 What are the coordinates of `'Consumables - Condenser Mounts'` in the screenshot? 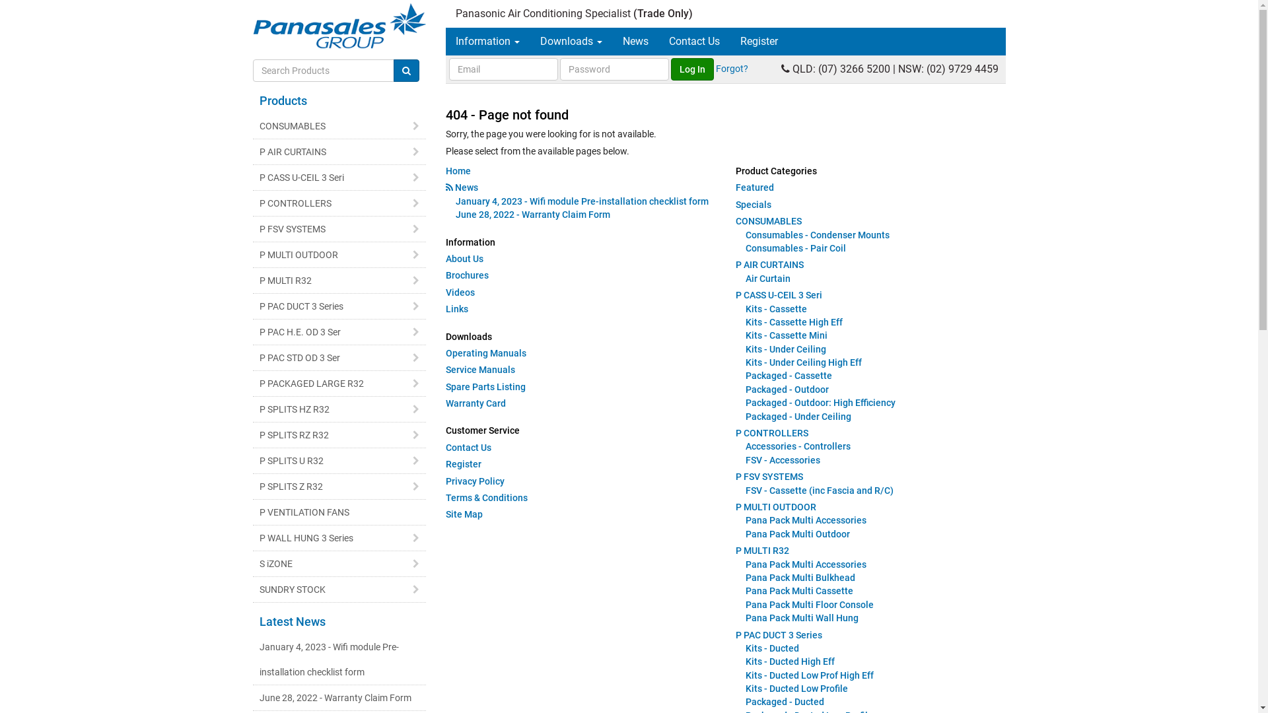 It's located at (817, 234).